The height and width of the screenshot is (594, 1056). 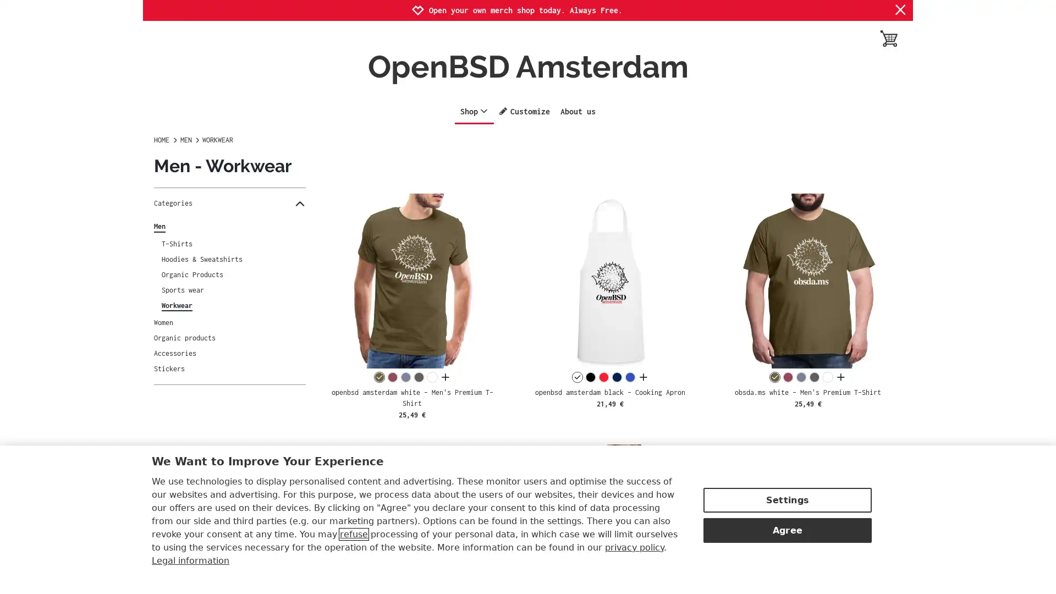 What do you see at coordinates (603, 377) in the screenshot?
I see `red` at bounding box center [603, 377].